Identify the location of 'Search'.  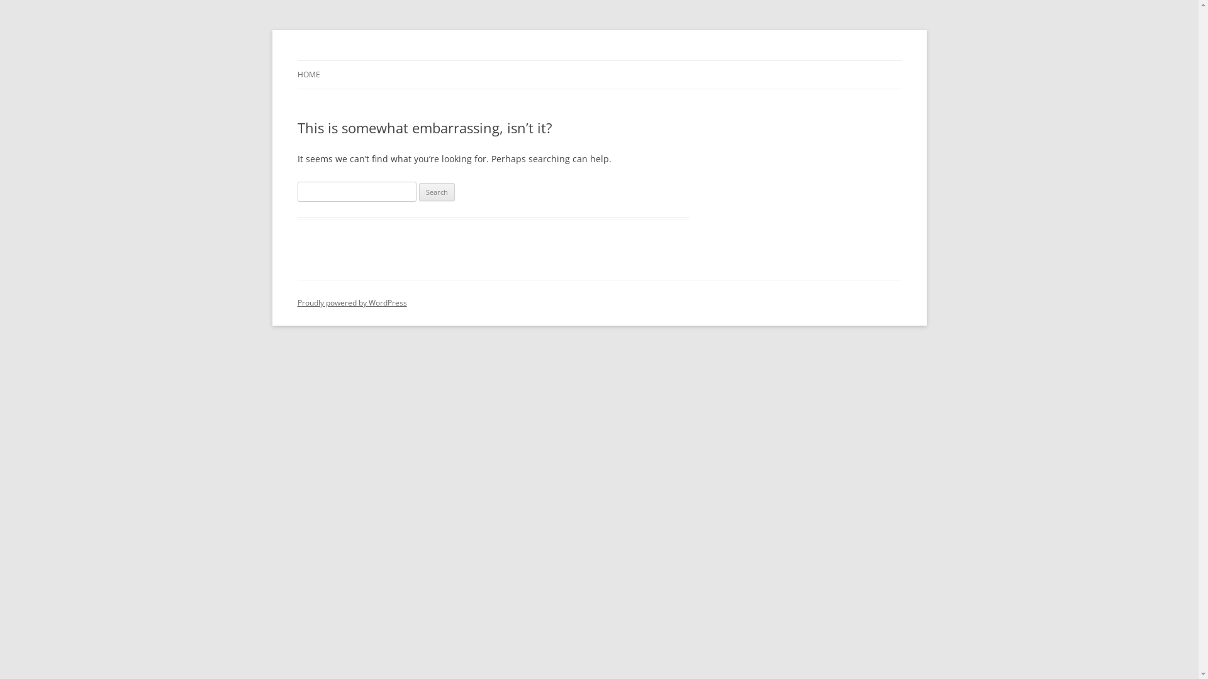
(419, 192).